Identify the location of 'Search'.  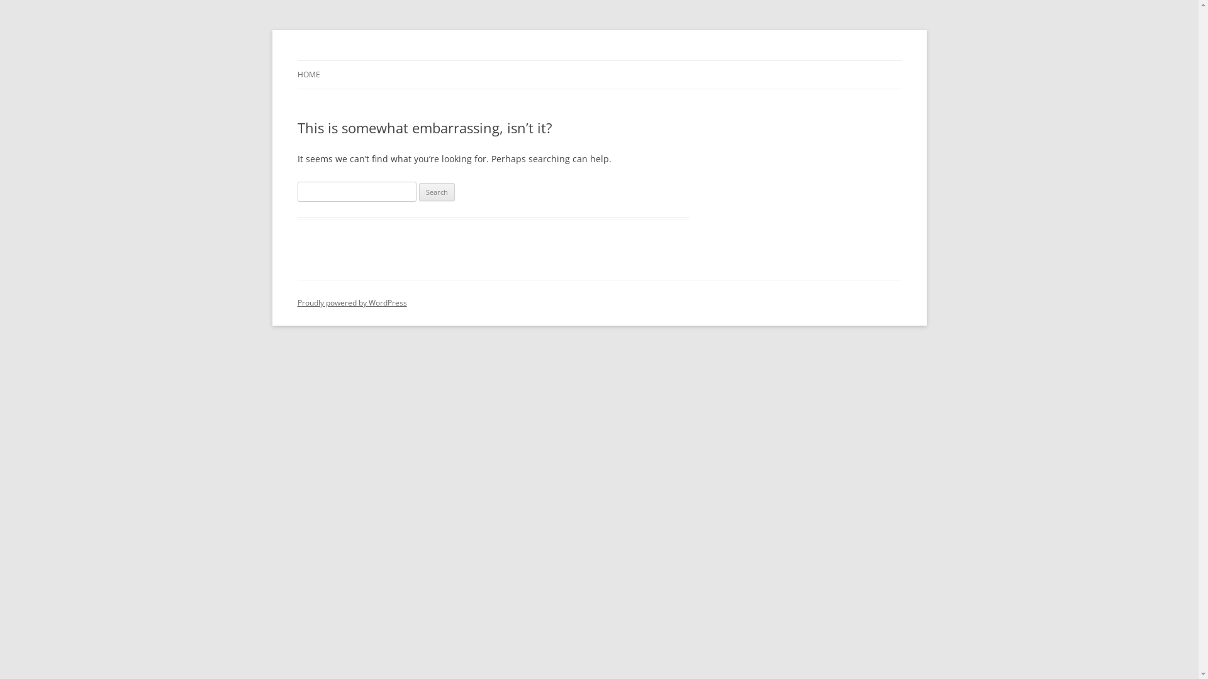
(419, 192).